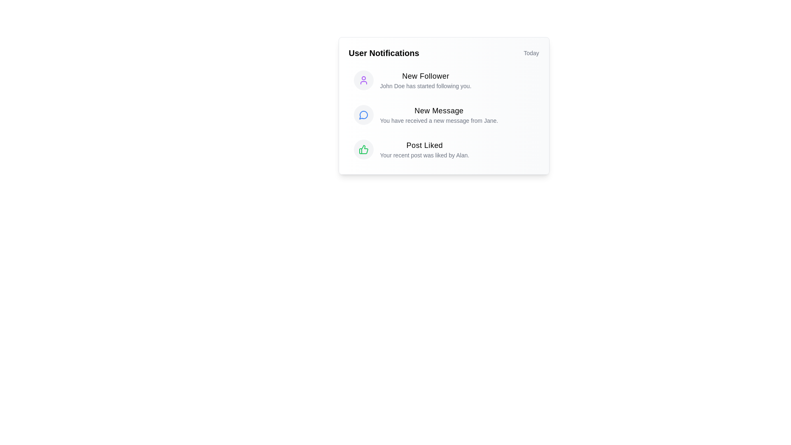  I want to click on the circular icon with a green thumbs-up symbol, located within the 'Post Liked' notification card, so click(363, 149).